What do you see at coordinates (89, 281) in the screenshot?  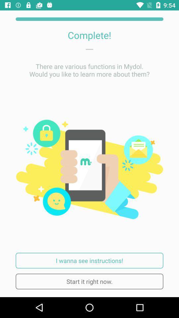 I see `the start it right icon` at bounding box center [89, 281].